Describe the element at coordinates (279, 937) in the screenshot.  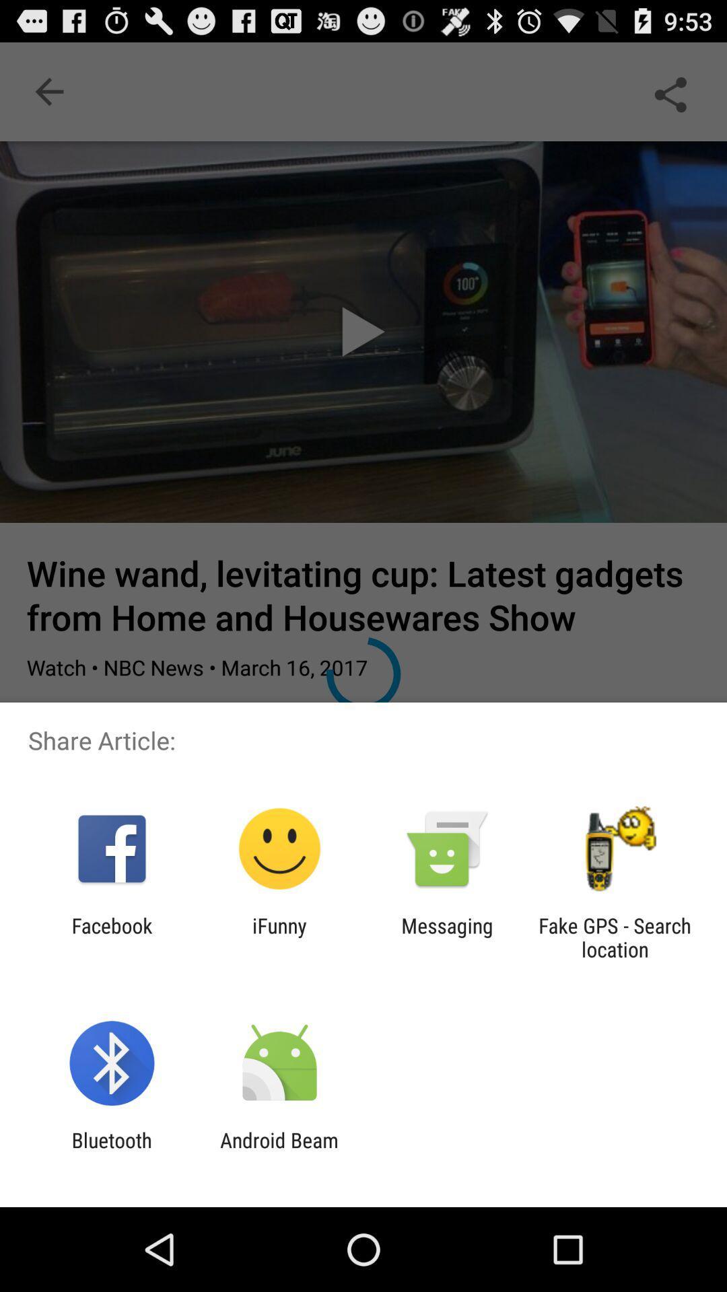
I see `the app to the left of messaging` at that location.